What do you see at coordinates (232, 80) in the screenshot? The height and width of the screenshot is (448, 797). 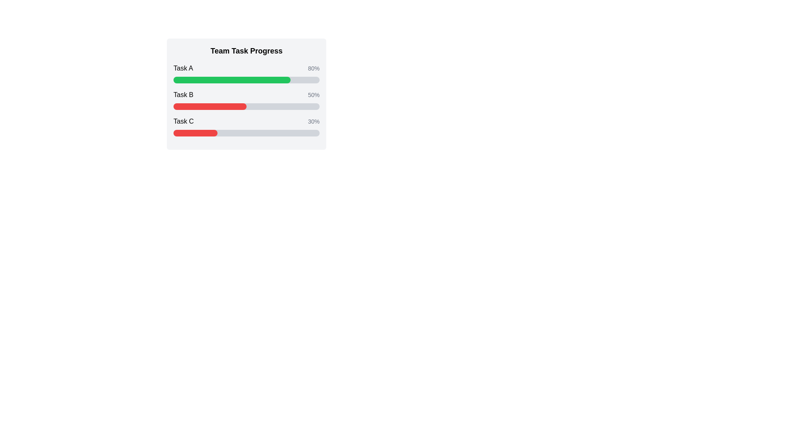 I see `the progress bar indicating 80% completion for 'Task A' to interact with it, if enabled` at bounding box center [232, 80].